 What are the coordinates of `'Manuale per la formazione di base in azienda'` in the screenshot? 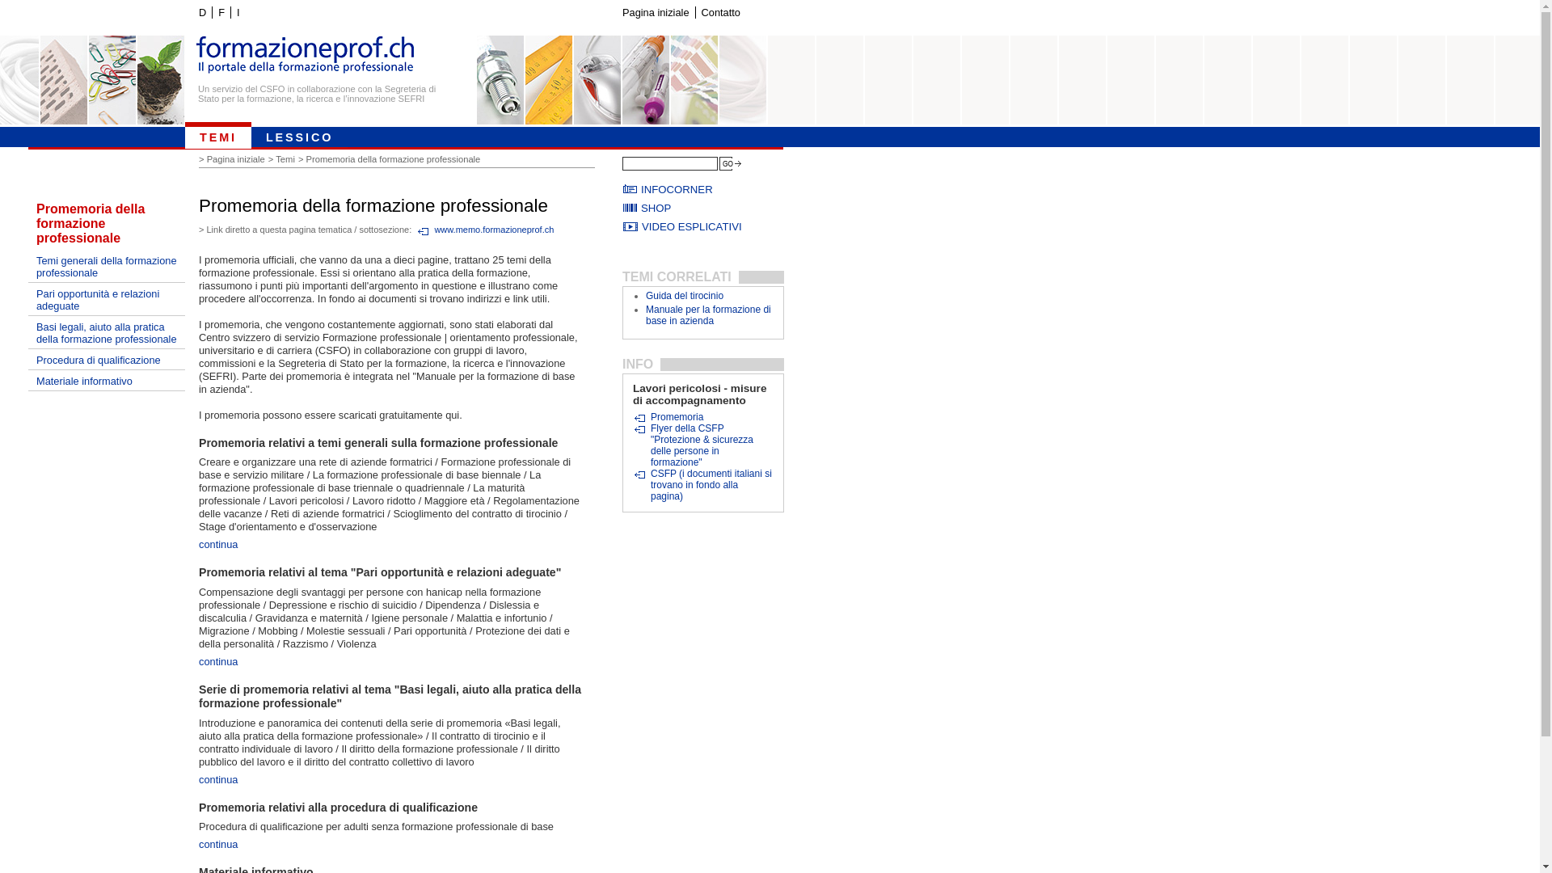 It's located at (708, 314).